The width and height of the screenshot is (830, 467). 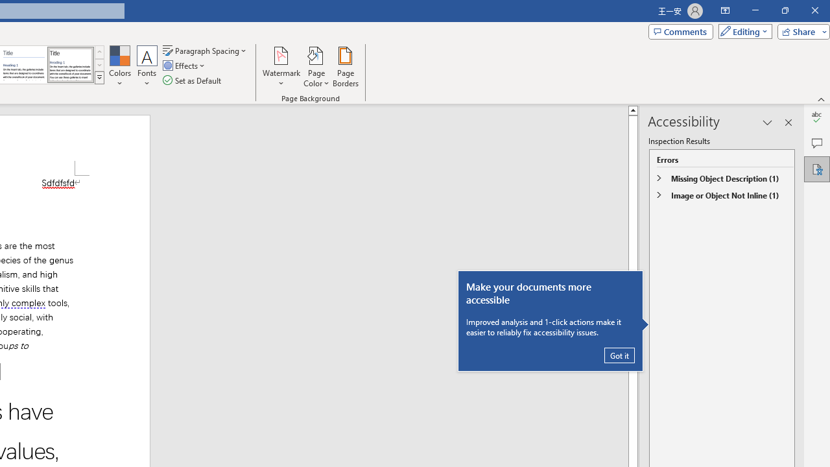 I want to click on 'Editor', so click(x=816, y=117).